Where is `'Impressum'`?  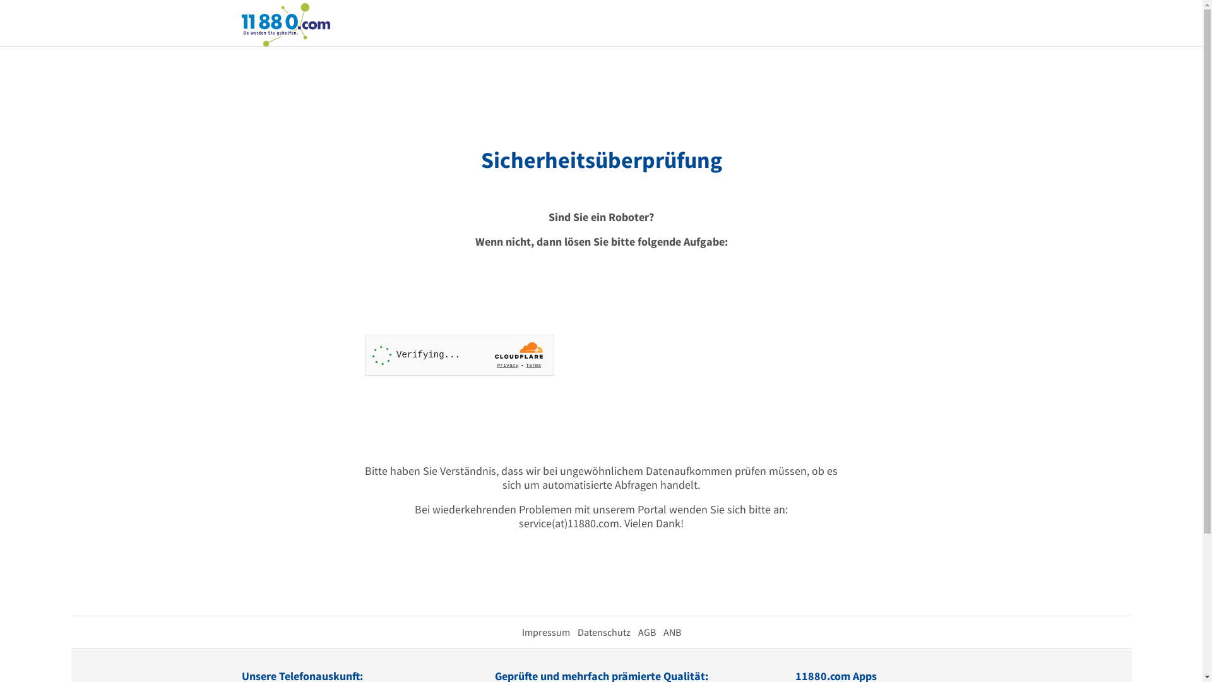
'Impressum' is located at coordinates (545, 632).